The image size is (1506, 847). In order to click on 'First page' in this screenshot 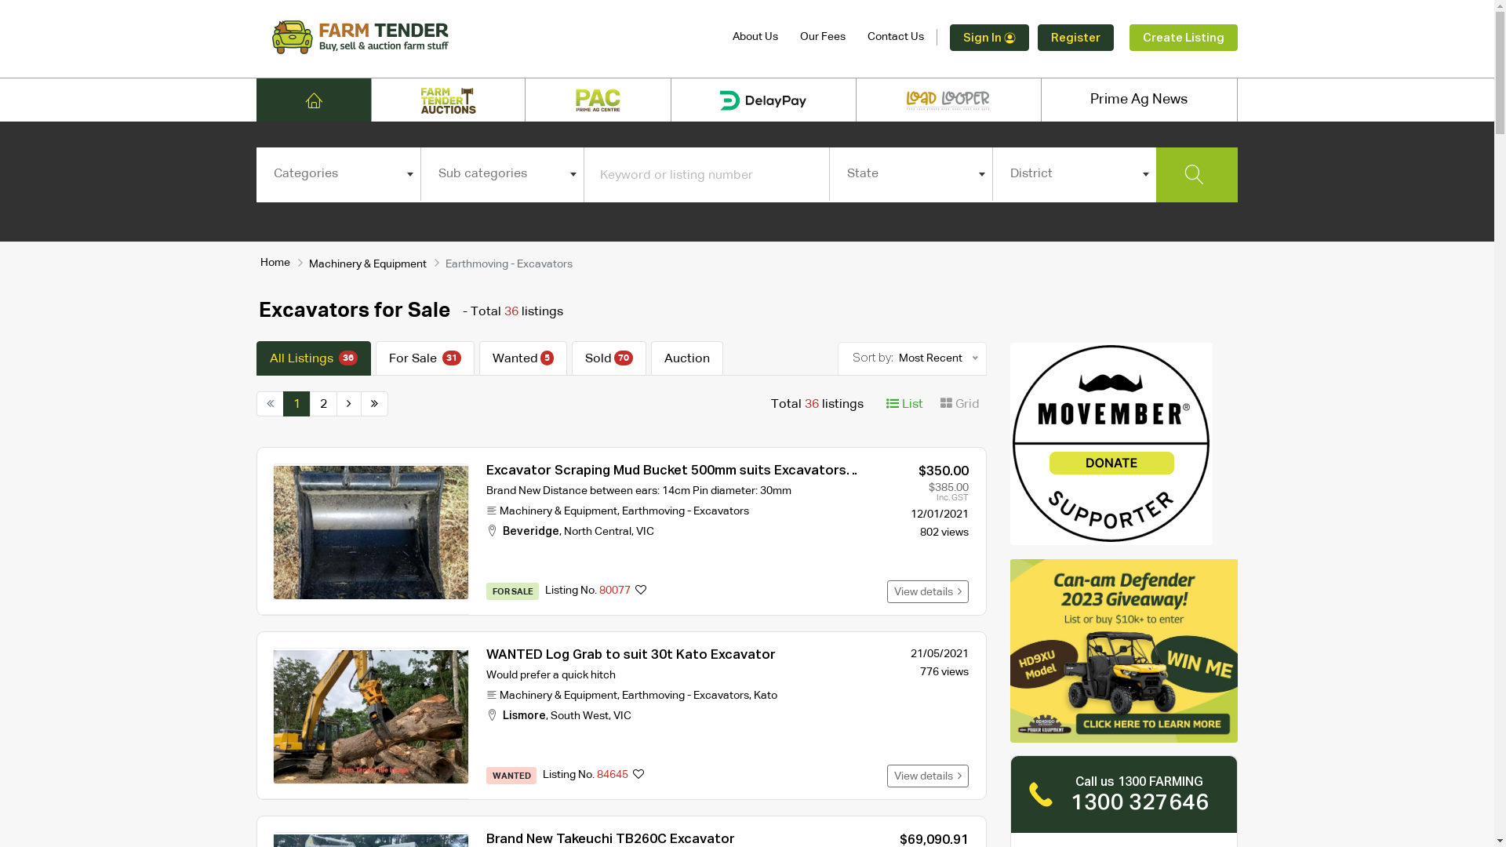, I will do `click(270, 403)`.